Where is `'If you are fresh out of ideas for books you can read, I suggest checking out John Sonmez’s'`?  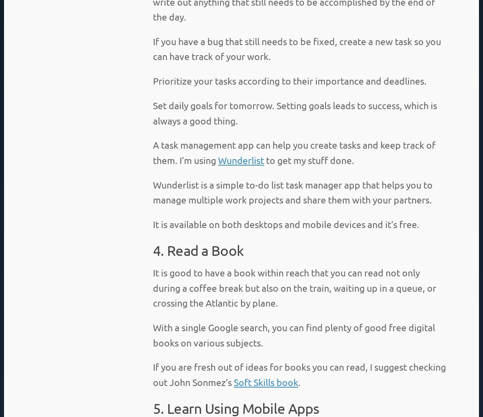
'If you are fresh out of ideas for books you can read, I suggest checking out John Sonmez’s' is located at coordinates (299, 374).